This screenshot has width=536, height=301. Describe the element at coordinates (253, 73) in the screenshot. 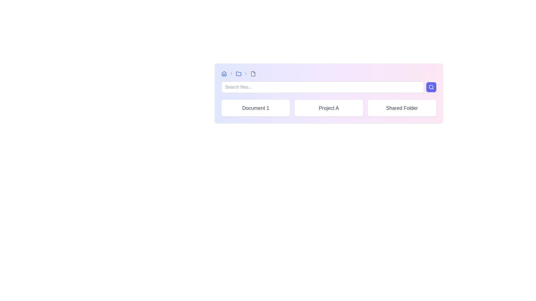

I see `the document icon in the breadcrumb navigation bar to focus on the document context` at that location.